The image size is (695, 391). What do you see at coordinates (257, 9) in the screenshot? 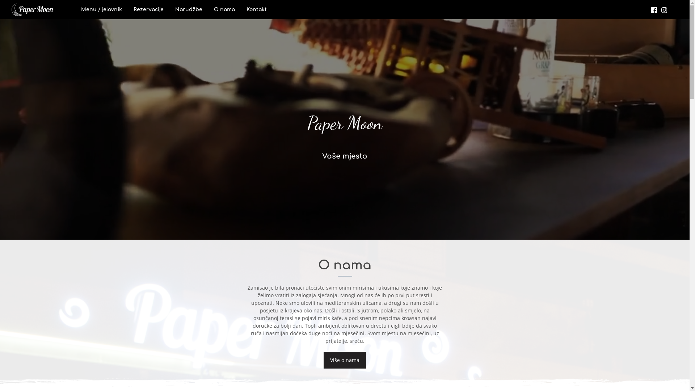
I see `'Kontakt'` at bounding box center [257, 9].